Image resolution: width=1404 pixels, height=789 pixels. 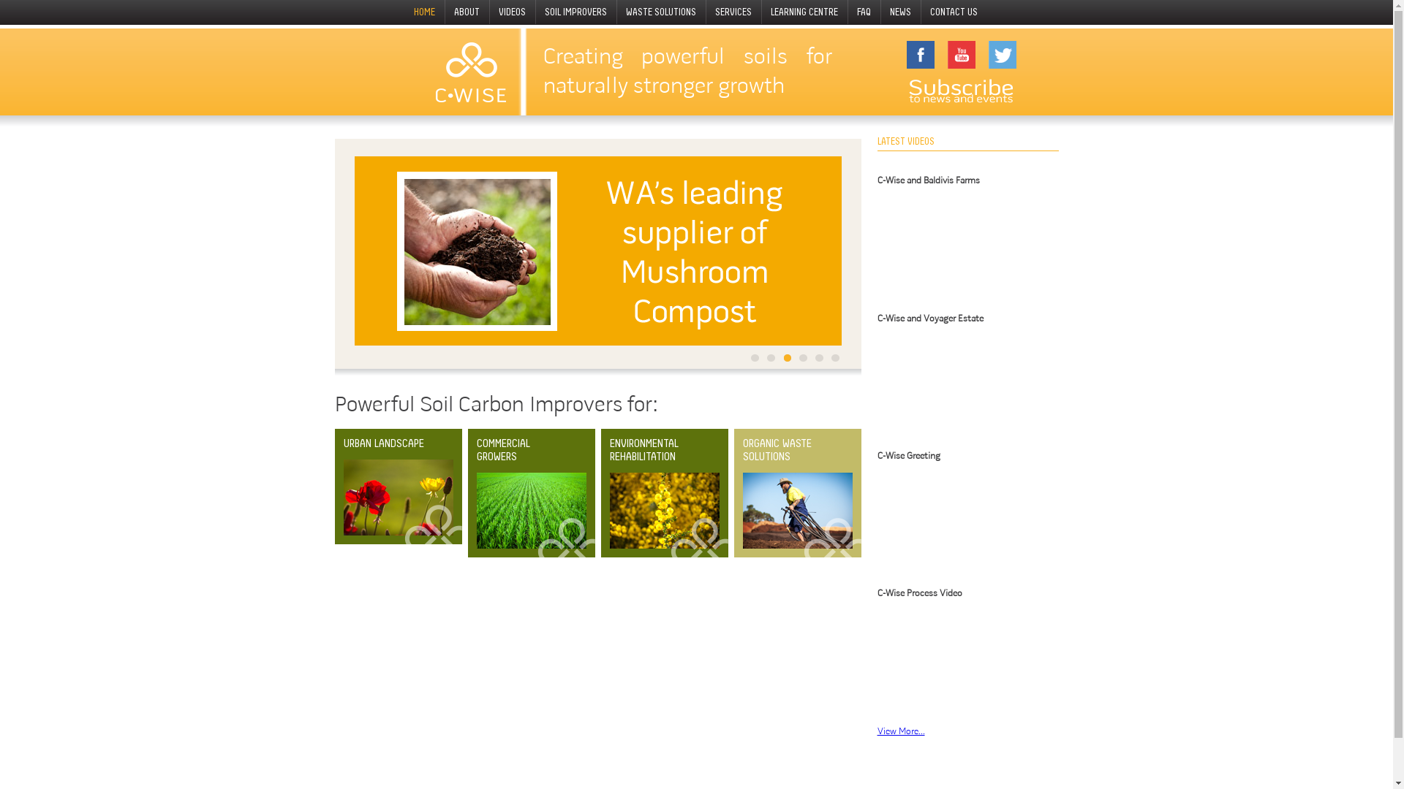 I want to click on 'VIDEOS', so click(x=490, y=12).